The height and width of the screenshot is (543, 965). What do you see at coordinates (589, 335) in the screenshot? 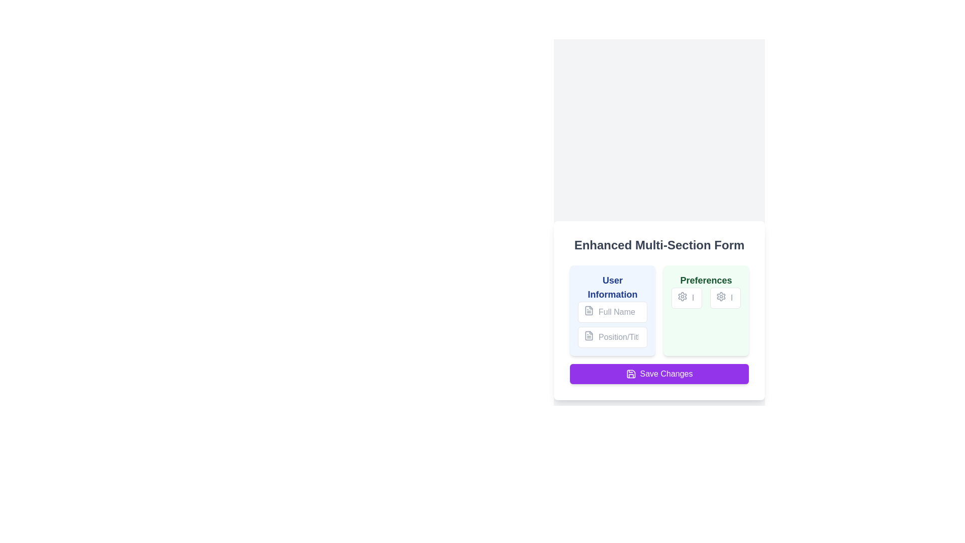
I see `the icon that serves as a visual indicator for the 'Position/Title' text input field located in the 'User Information' section of the form interface` at bounding box center [589, 335].